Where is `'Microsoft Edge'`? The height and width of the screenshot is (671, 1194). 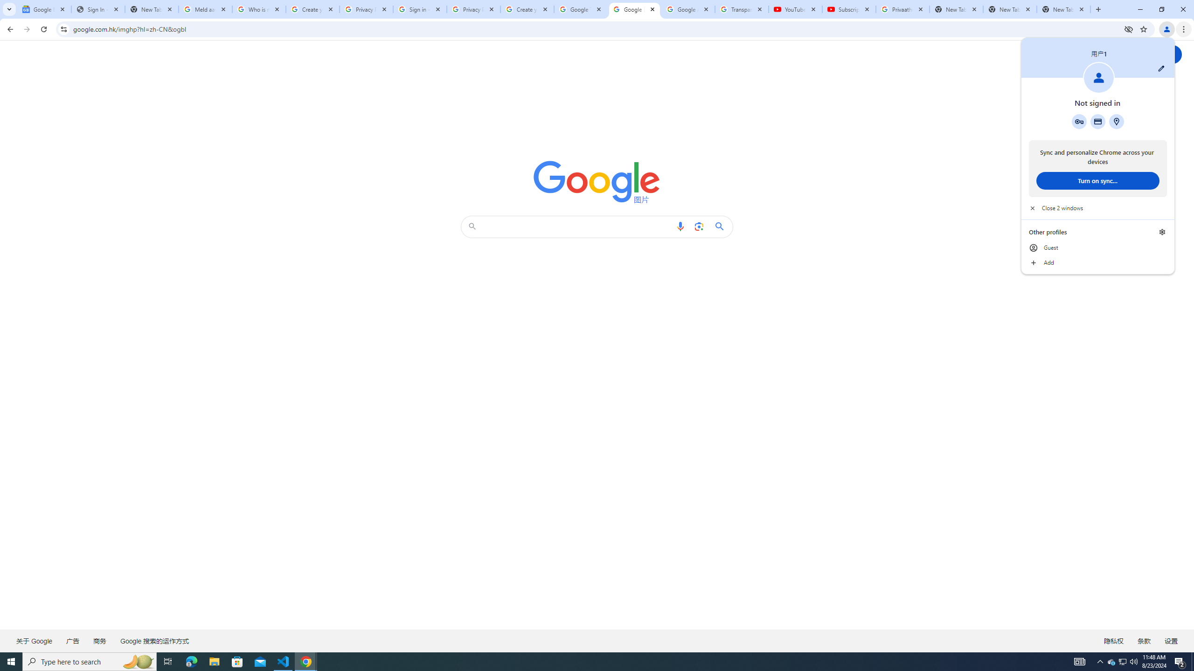
'Microsoft Edge' is located at coordinates (191, 661).